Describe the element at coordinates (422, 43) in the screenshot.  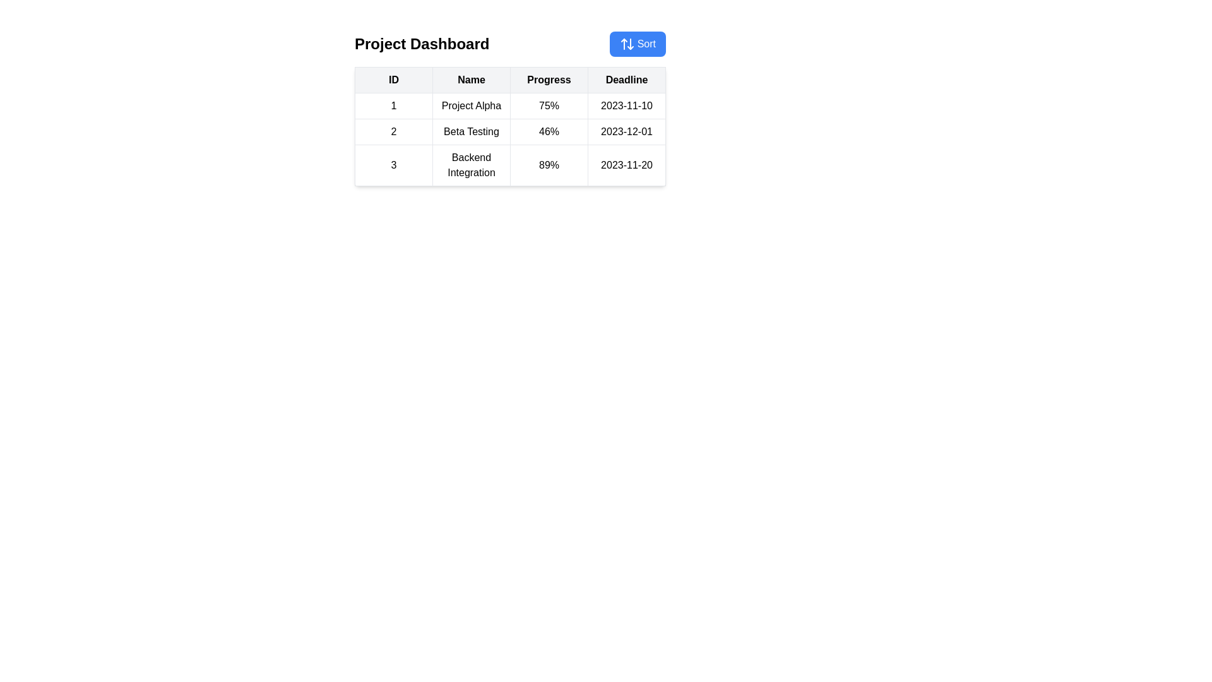
I see `the Text header that serves as the title for the displayed dashboard, providing context about the interface` at that location.